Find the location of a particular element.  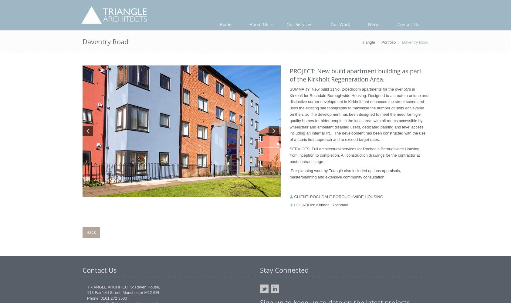

'Portfolio' is located at coordinates (381, 42).